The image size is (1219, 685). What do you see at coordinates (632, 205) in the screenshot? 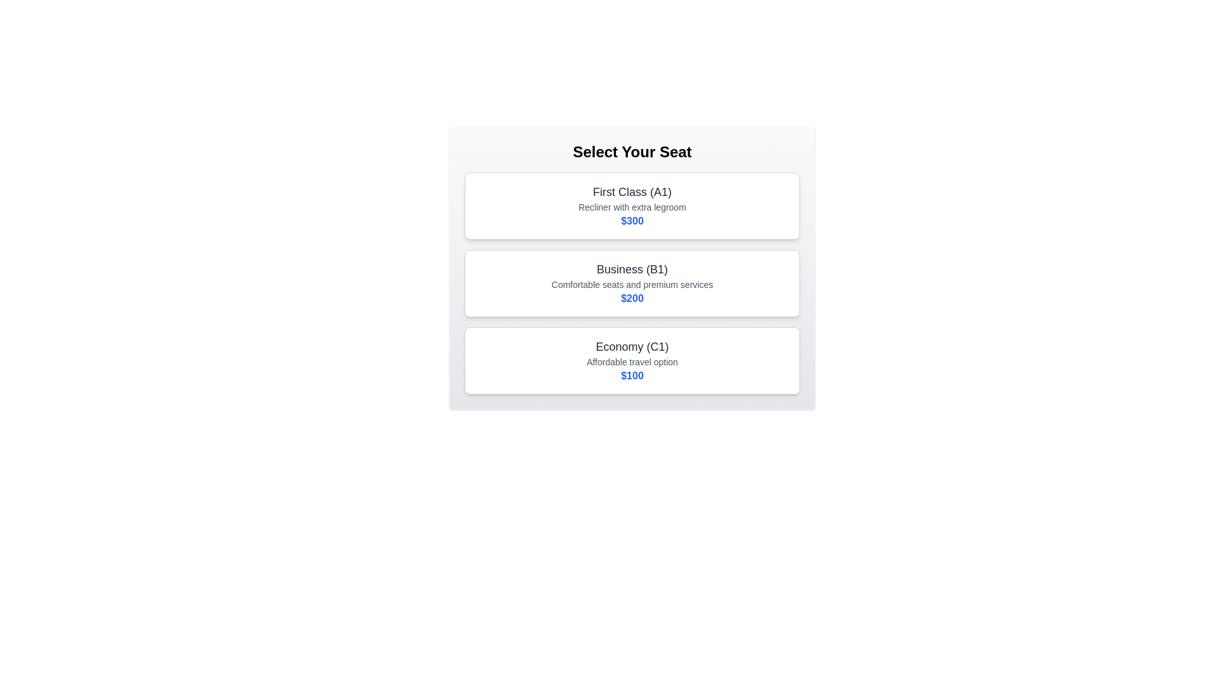
I see `the first Button-like card that represents an option for selecting a seating class, located at the topmost position in a vertical stack of three similar cards` at bounding box center [632, 205].